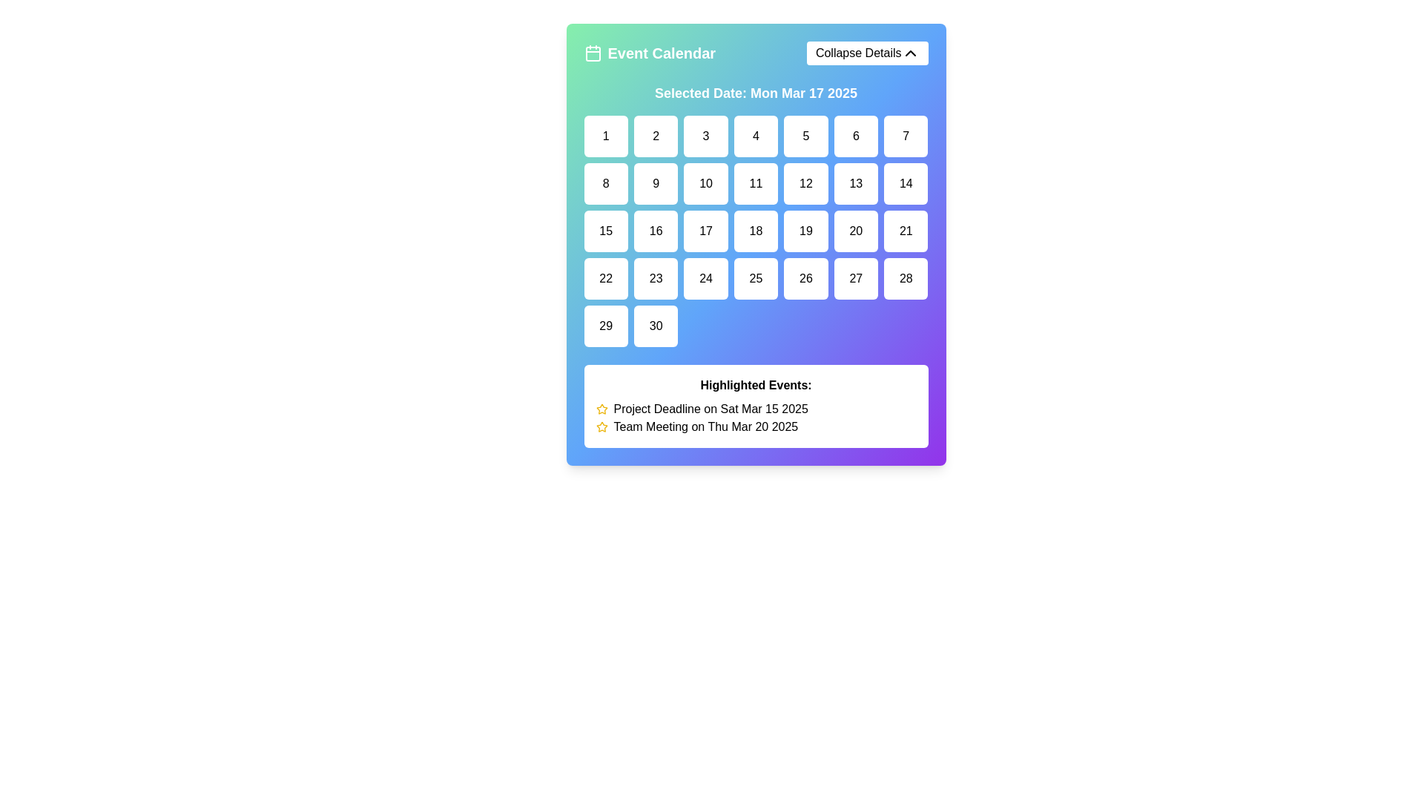  I want to click on the rounded square button displaying '30' in black font on a white background, located in the sixth row and second column of the calendar grid, so click(655, 325).